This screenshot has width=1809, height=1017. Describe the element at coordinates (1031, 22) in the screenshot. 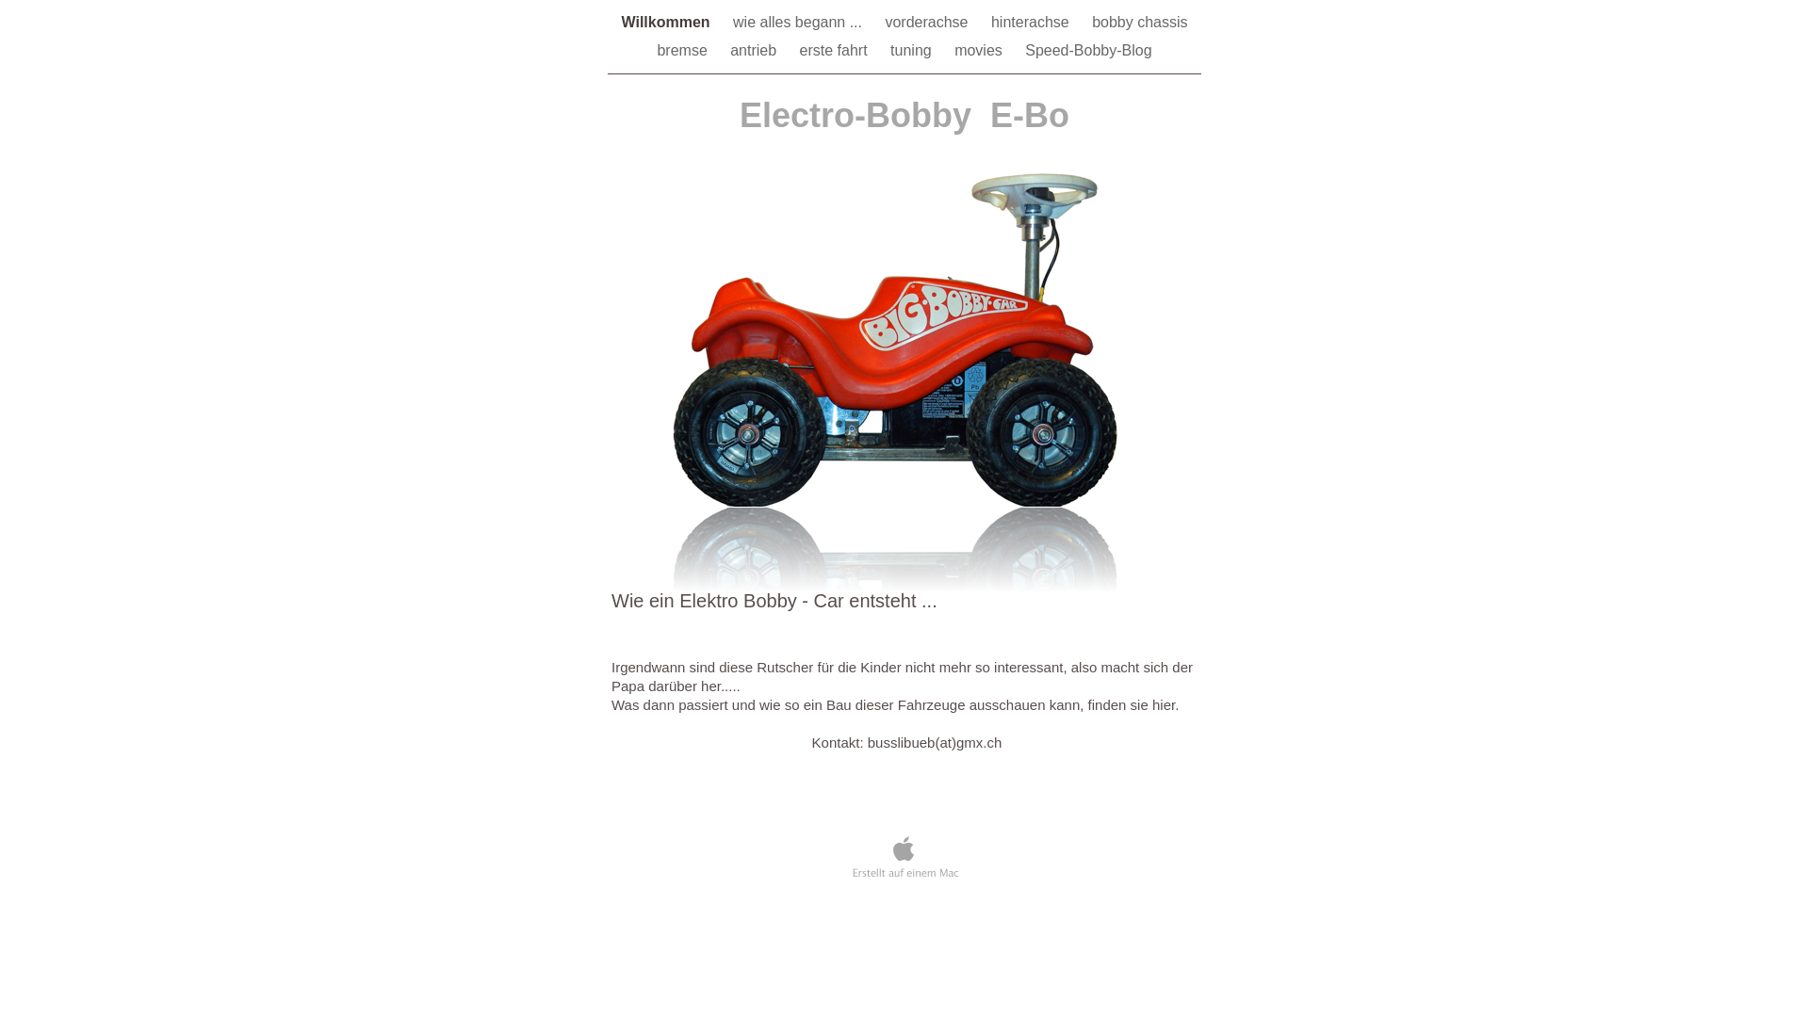

I see `'hinterachse'` at that location.